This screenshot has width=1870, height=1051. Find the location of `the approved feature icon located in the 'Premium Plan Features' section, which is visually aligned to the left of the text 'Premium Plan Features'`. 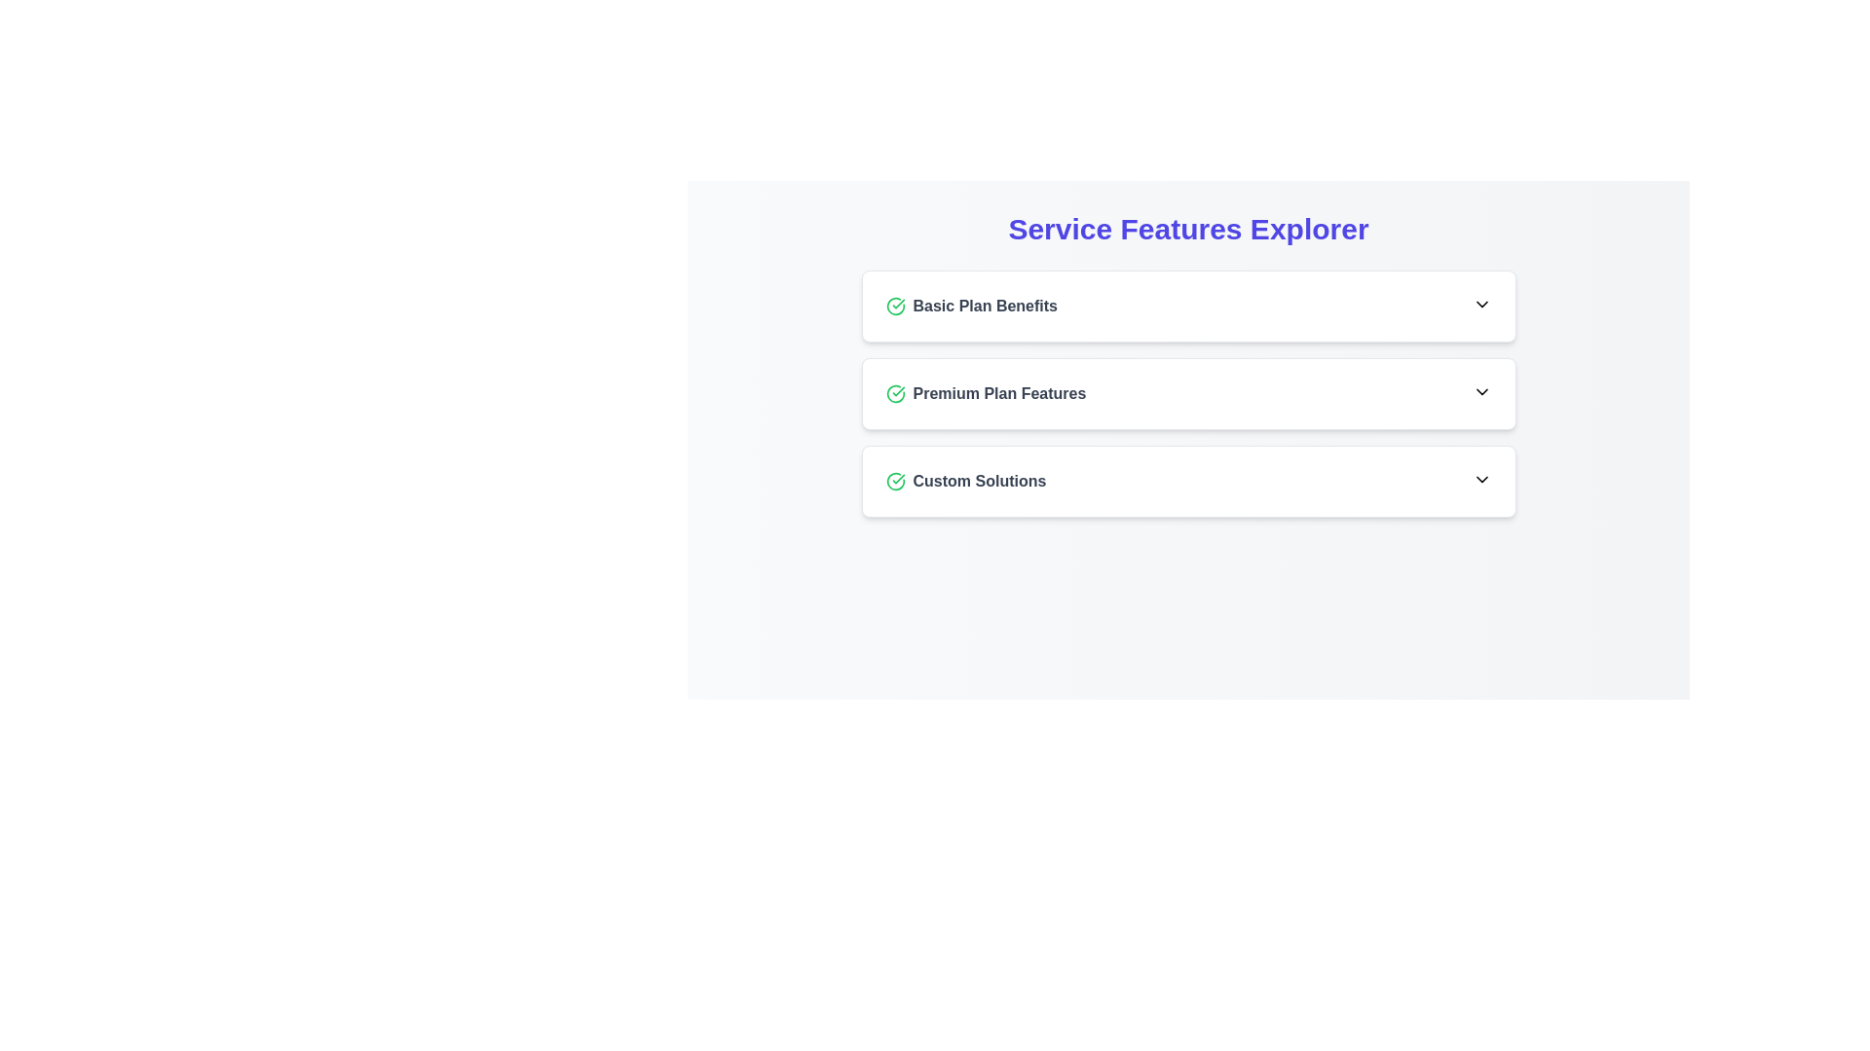

the approved feature icon located in the 'Premium Plan Features' section, which is visually aligned to the left of the text 'Premium Plan Features' is located at coordinates (894, 394).